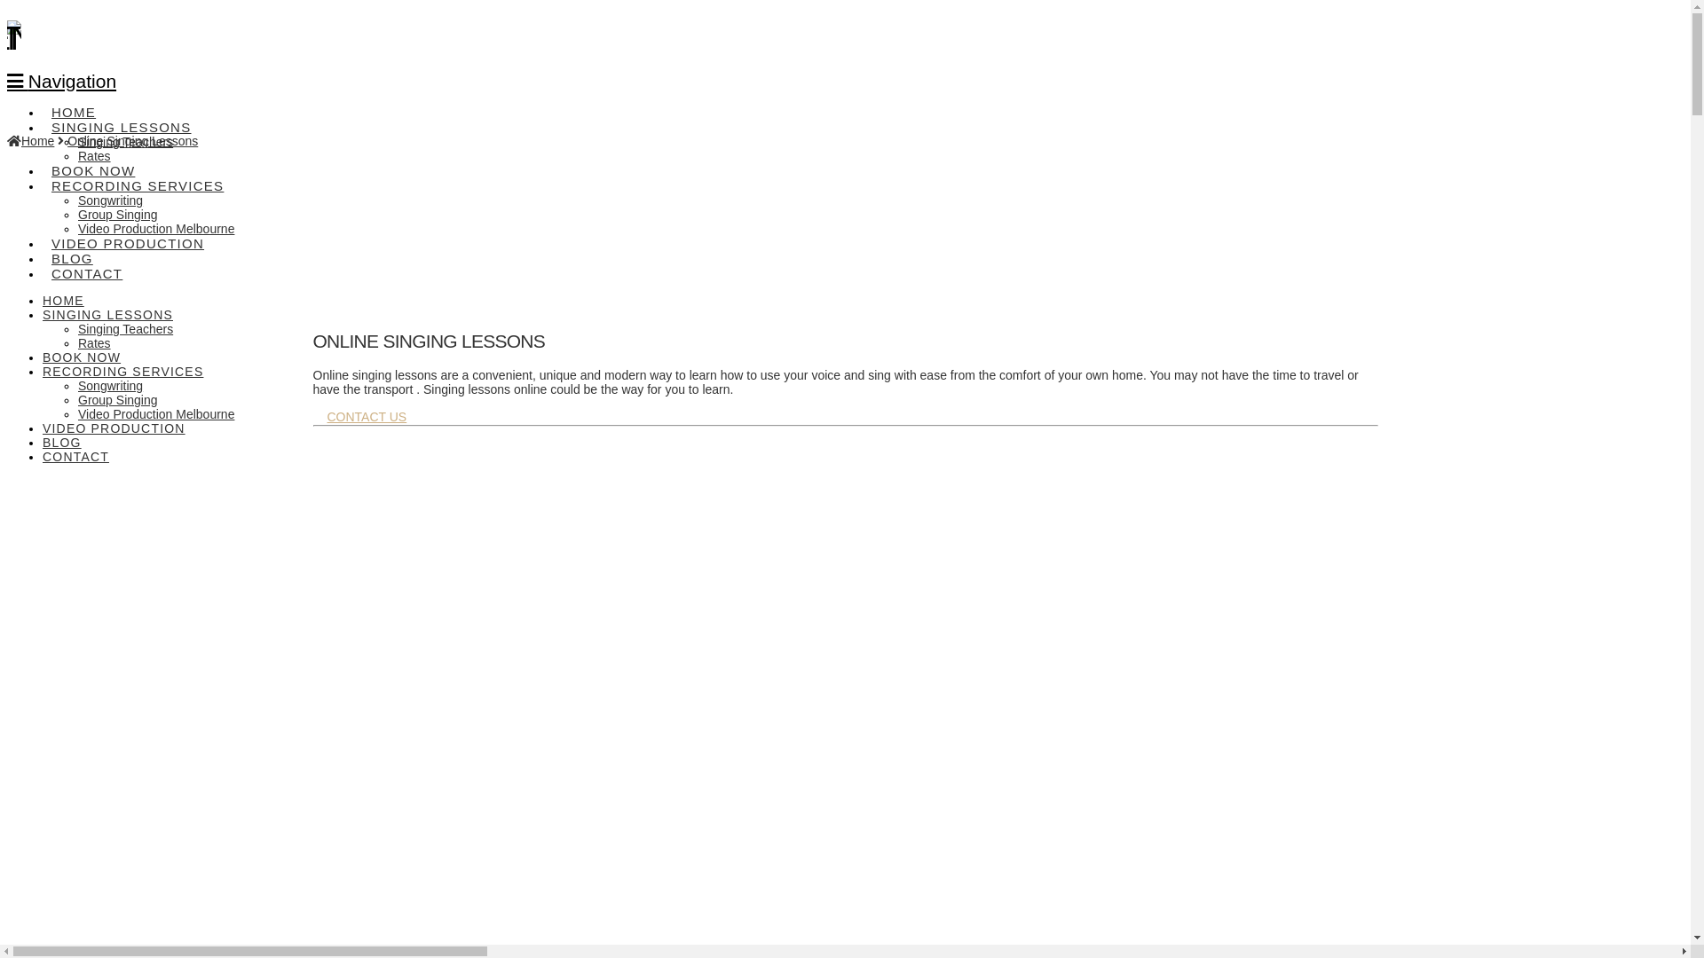 The image size is (1704, 958). What do you see at coordinates (80, 357) in the screenshot?
I see `'BOOK NOW'` at bounding box center [80, 357].